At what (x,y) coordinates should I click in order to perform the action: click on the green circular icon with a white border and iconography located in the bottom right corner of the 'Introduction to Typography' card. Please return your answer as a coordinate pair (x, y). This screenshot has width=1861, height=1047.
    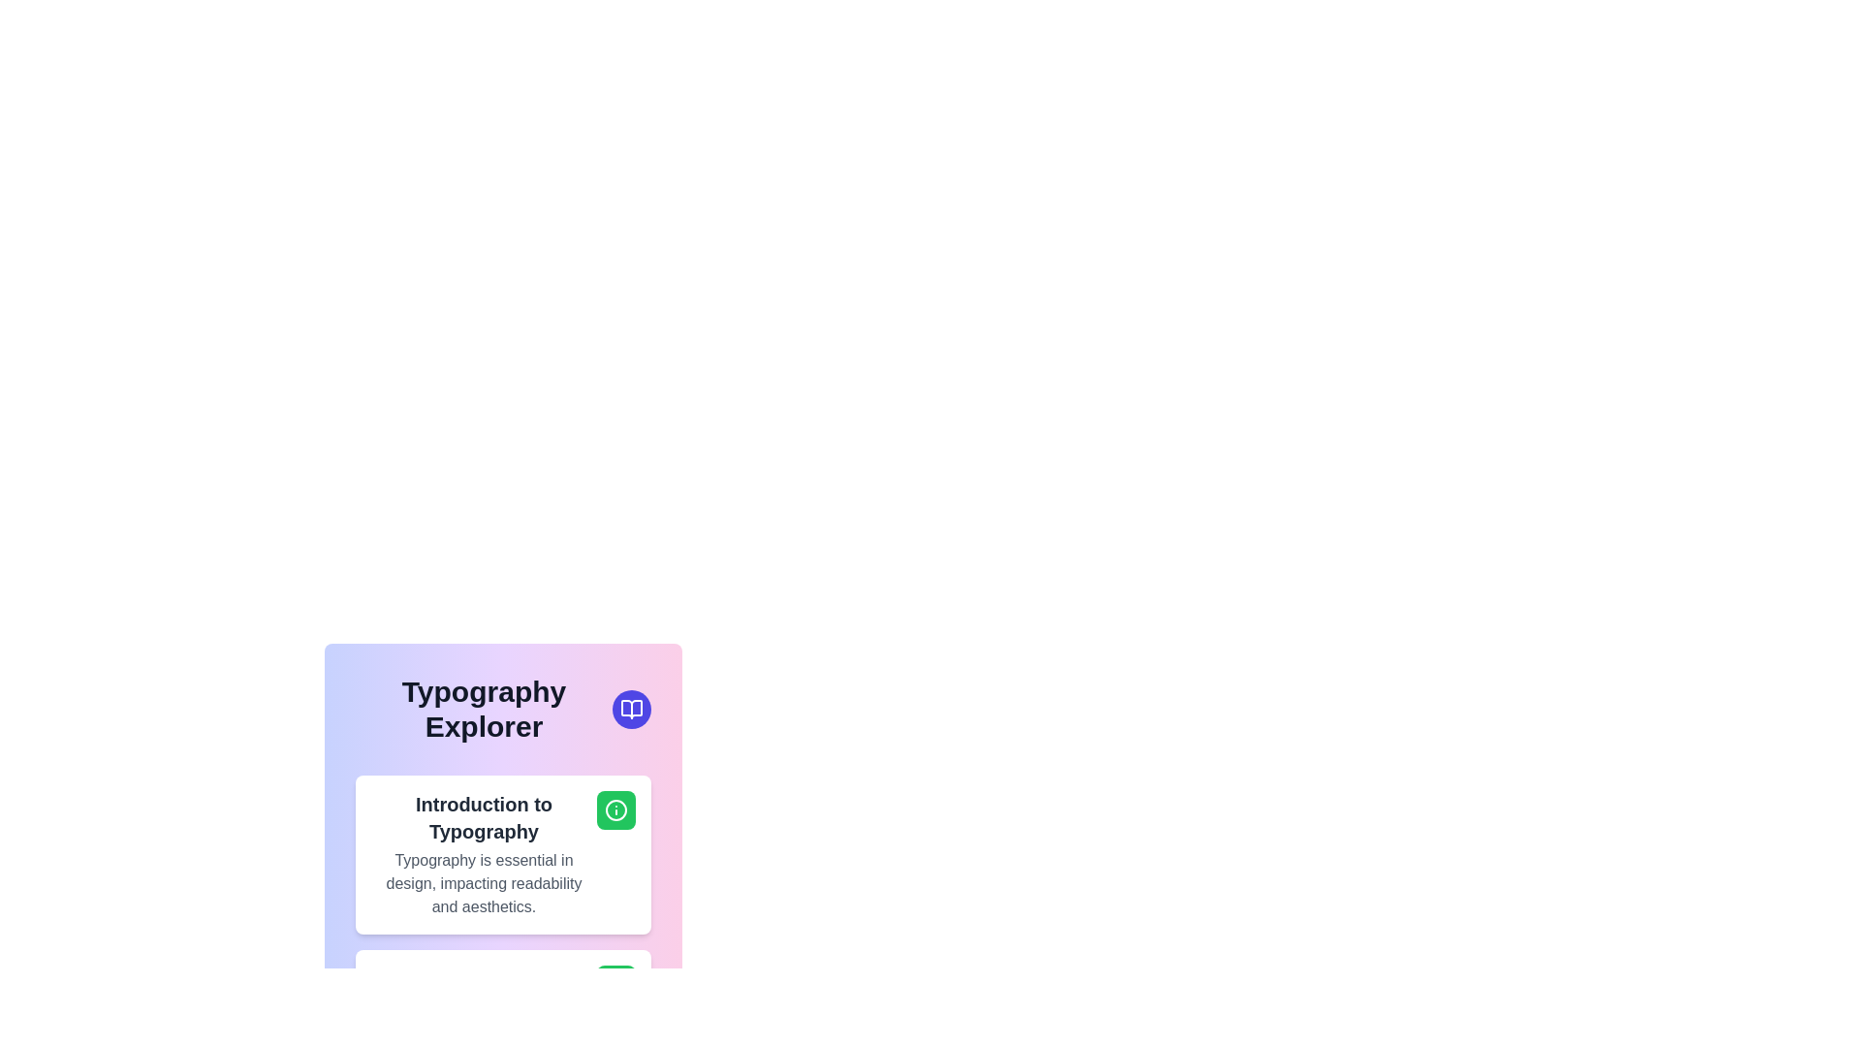
    Looking at the image, I should click on (615, 810).